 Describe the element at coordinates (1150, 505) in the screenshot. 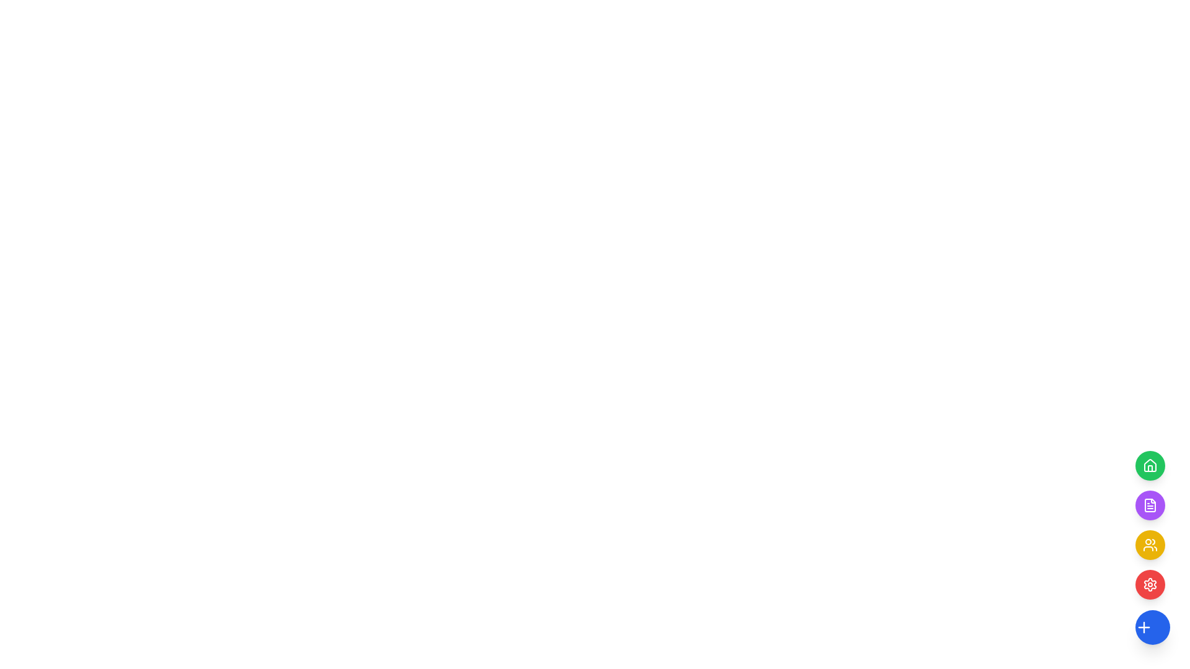

I see `the purple file icon in the vertical menu` at that location.